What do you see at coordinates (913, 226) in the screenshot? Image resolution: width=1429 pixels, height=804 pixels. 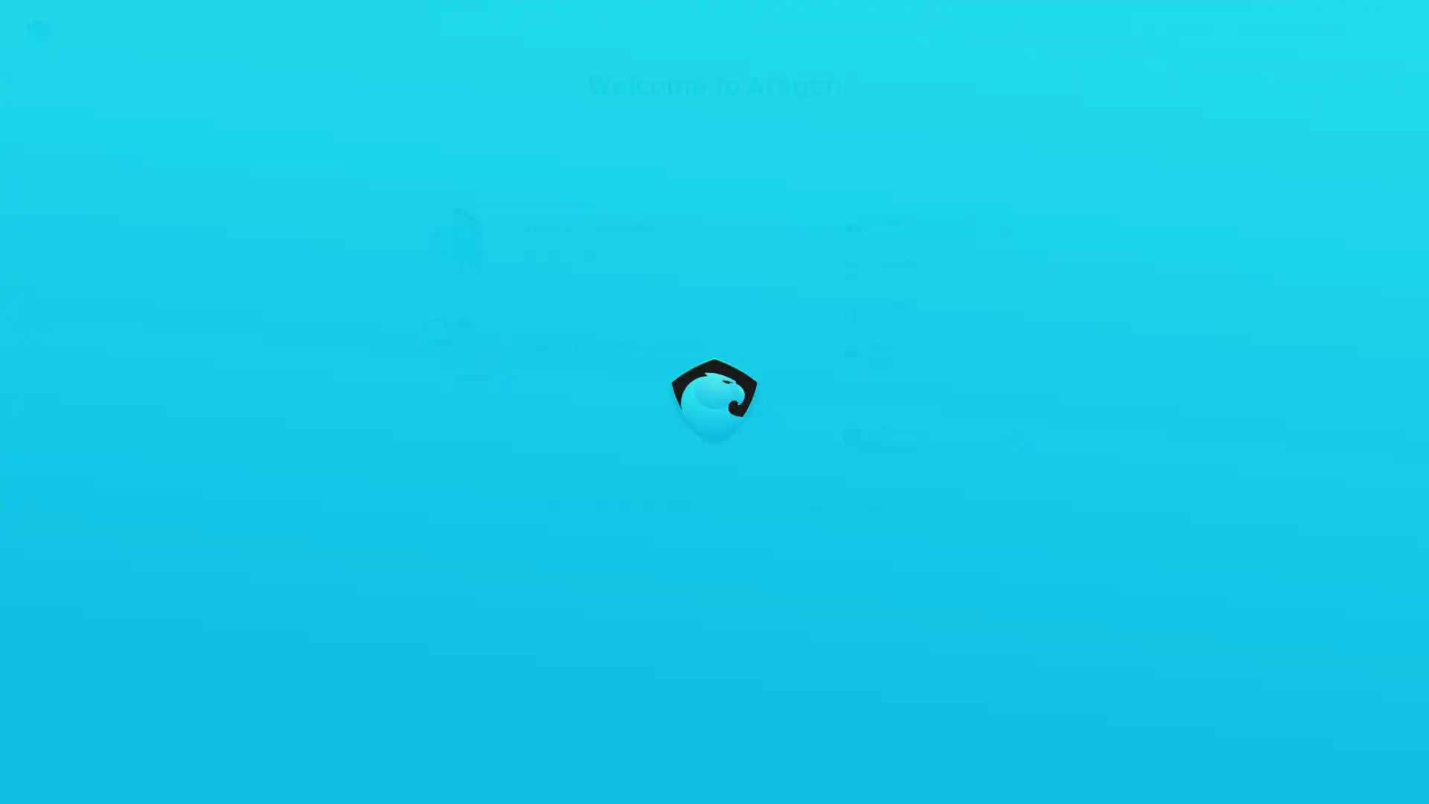 I see `Aragon Governance DEMOCRACY` at bounding box center [913, 226].